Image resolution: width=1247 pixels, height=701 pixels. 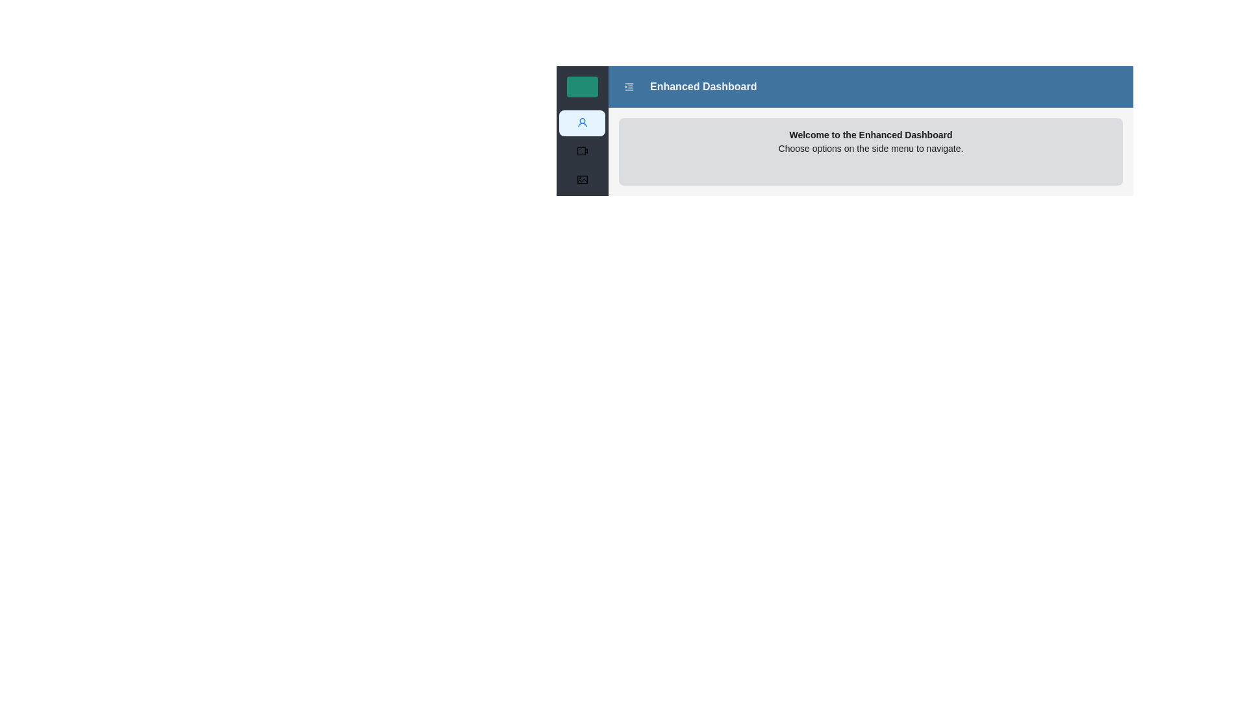 What do you see at coordinates (581, 150) in the screenshot?
I see `the video-related features icon` at bounding box center [581, 150].